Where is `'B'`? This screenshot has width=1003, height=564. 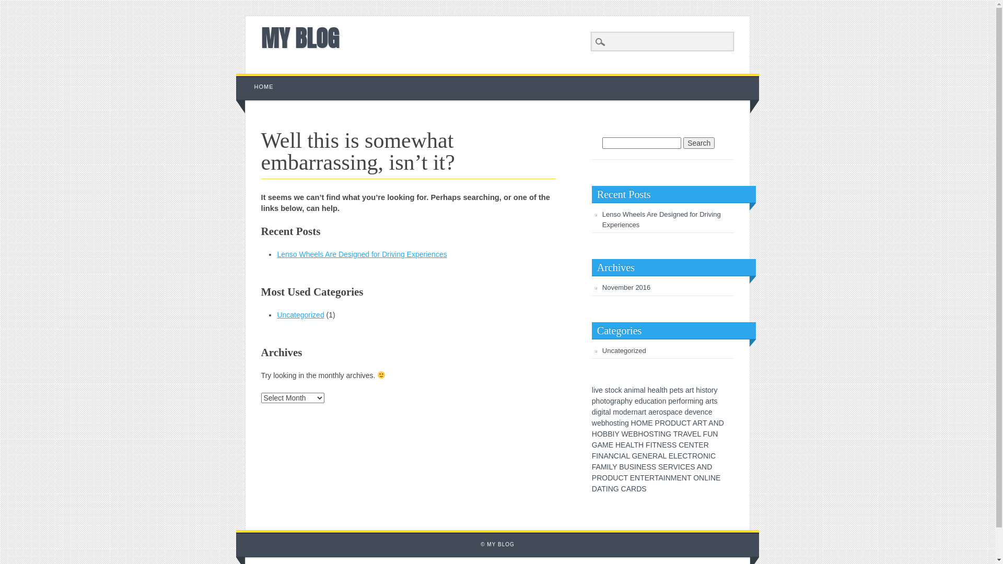 'B' is located at coordinates (621, 466).